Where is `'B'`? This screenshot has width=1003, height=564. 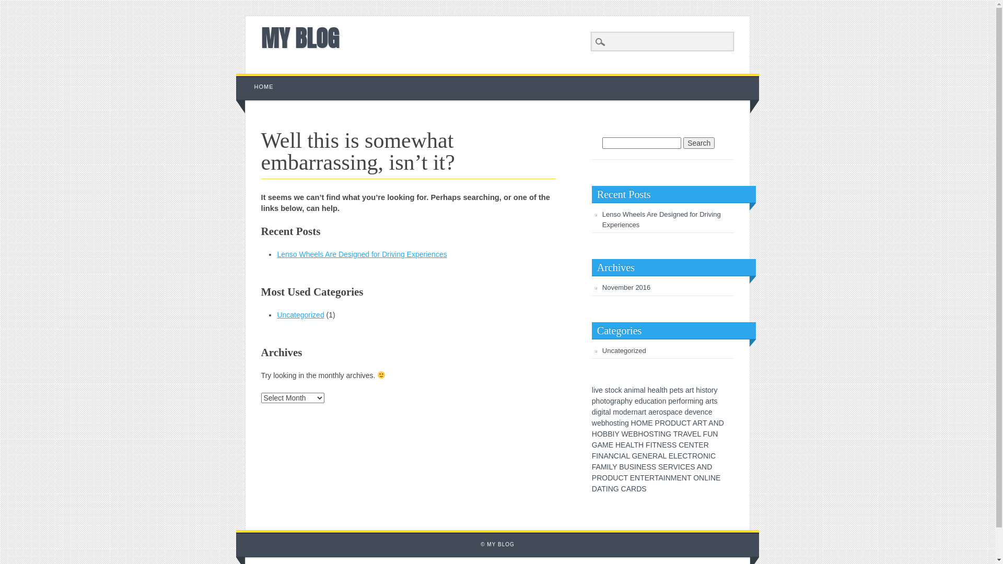 'B' is located at coordinates (621, 466).